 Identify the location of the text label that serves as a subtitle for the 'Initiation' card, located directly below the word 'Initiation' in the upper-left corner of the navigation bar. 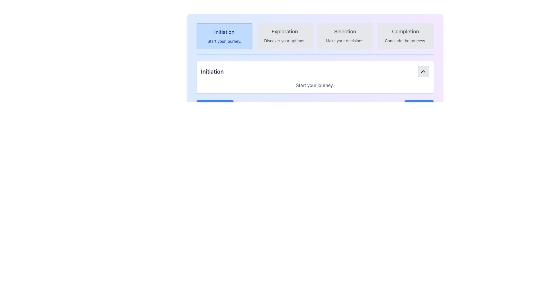
(224, 41).